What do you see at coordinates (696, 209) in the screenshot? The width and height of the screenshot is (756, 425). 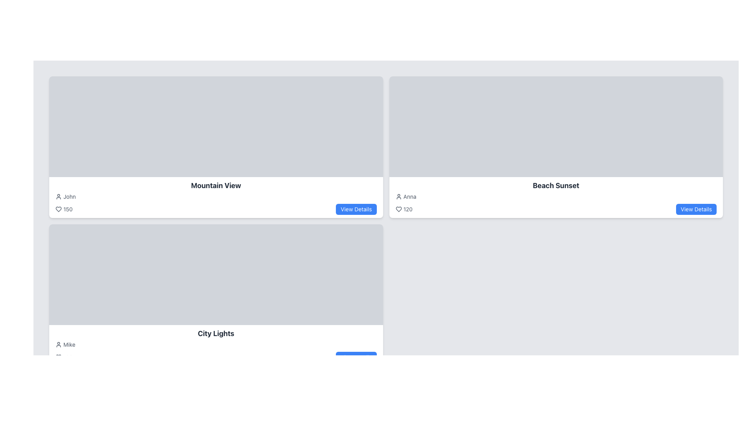 I see `the 'View Details' button, which has a rounded shape and a blue background, located at the bottom right corner of a card layout` at bounding box center [696, 209].